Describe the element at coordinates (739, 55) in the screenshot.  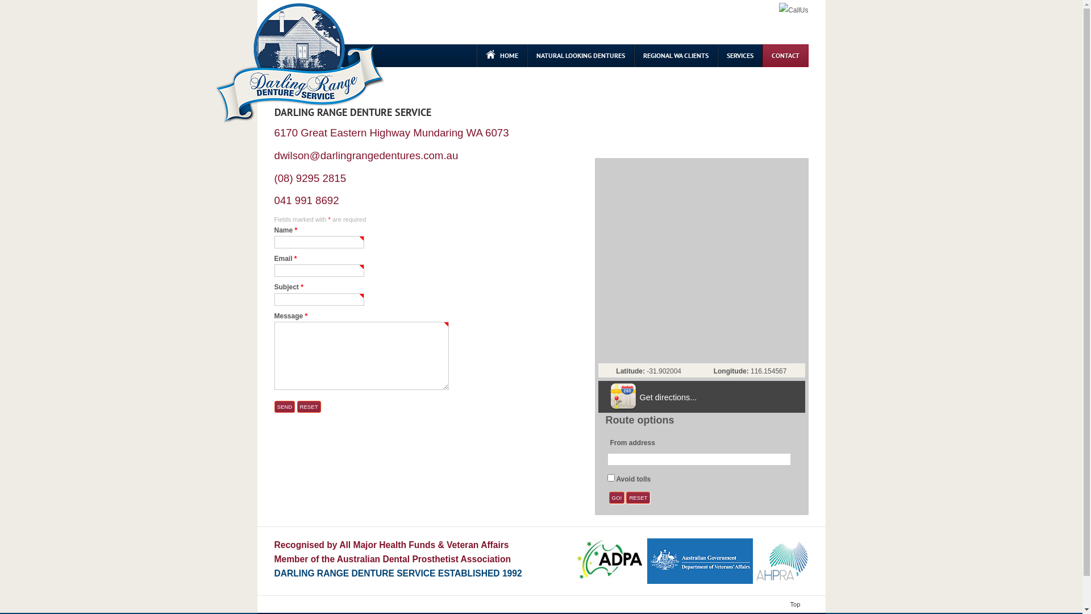
I see `'SERVICES'` at that location.